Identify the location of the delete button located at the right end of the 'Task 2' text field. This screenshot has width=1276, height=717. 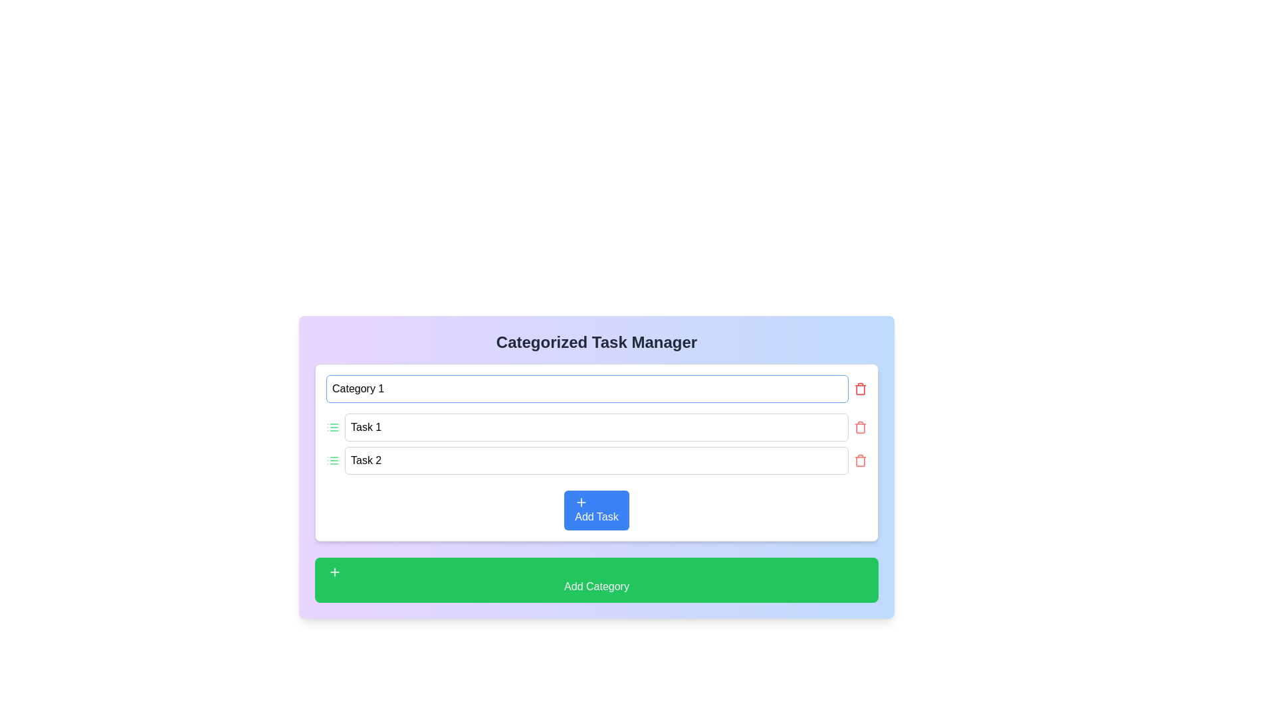
(861, 460).